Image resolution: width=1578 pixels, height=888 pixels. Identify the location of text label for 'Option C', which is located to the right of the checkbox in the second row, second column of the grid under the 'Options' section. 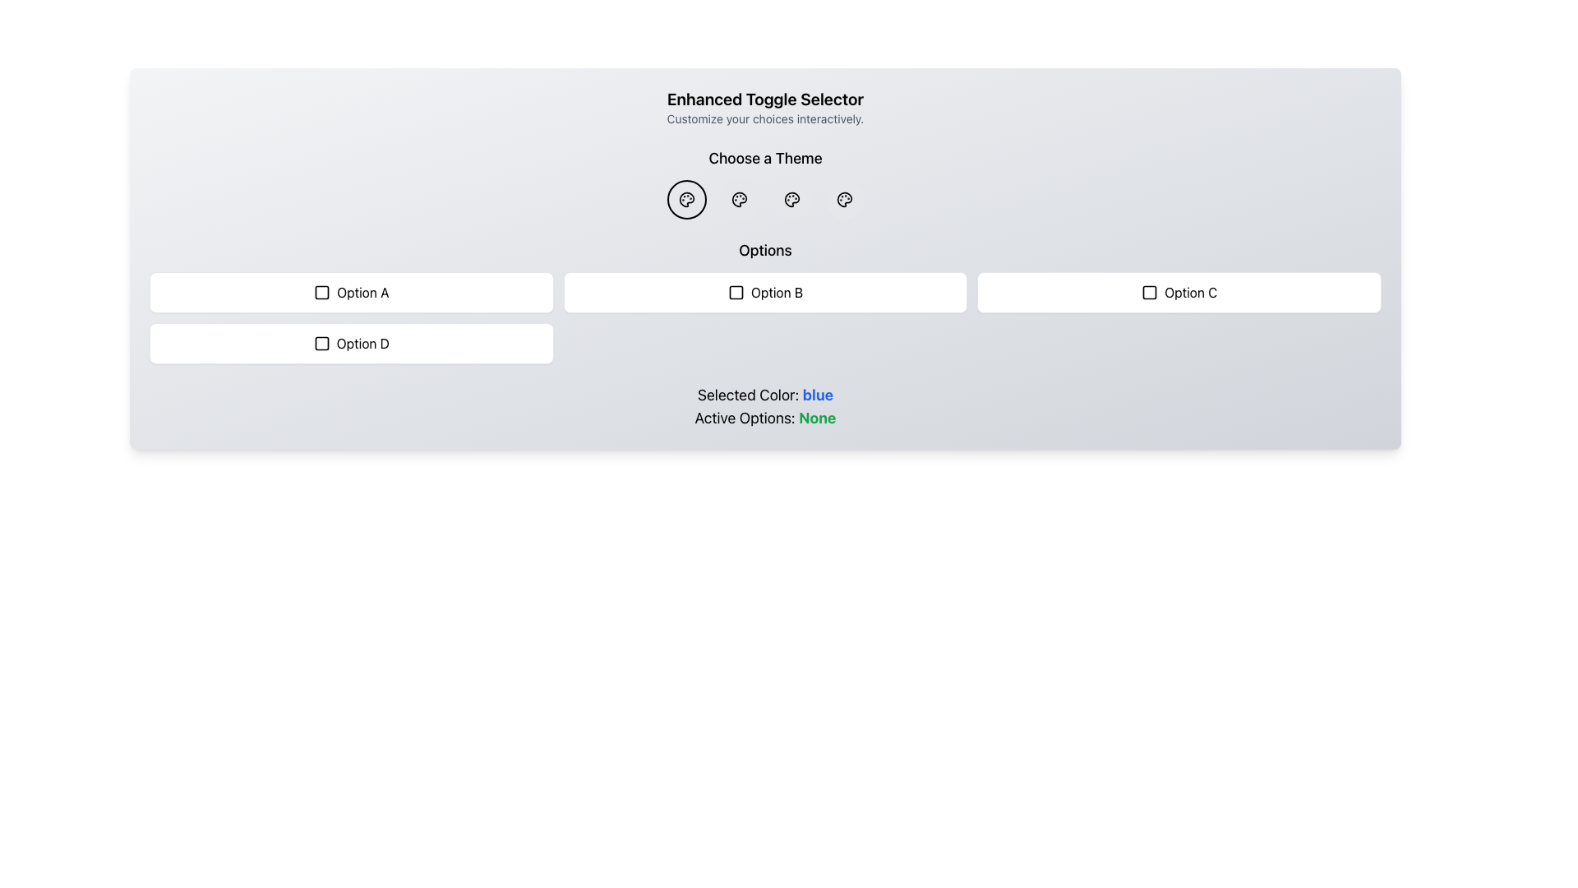
(1191, 291).